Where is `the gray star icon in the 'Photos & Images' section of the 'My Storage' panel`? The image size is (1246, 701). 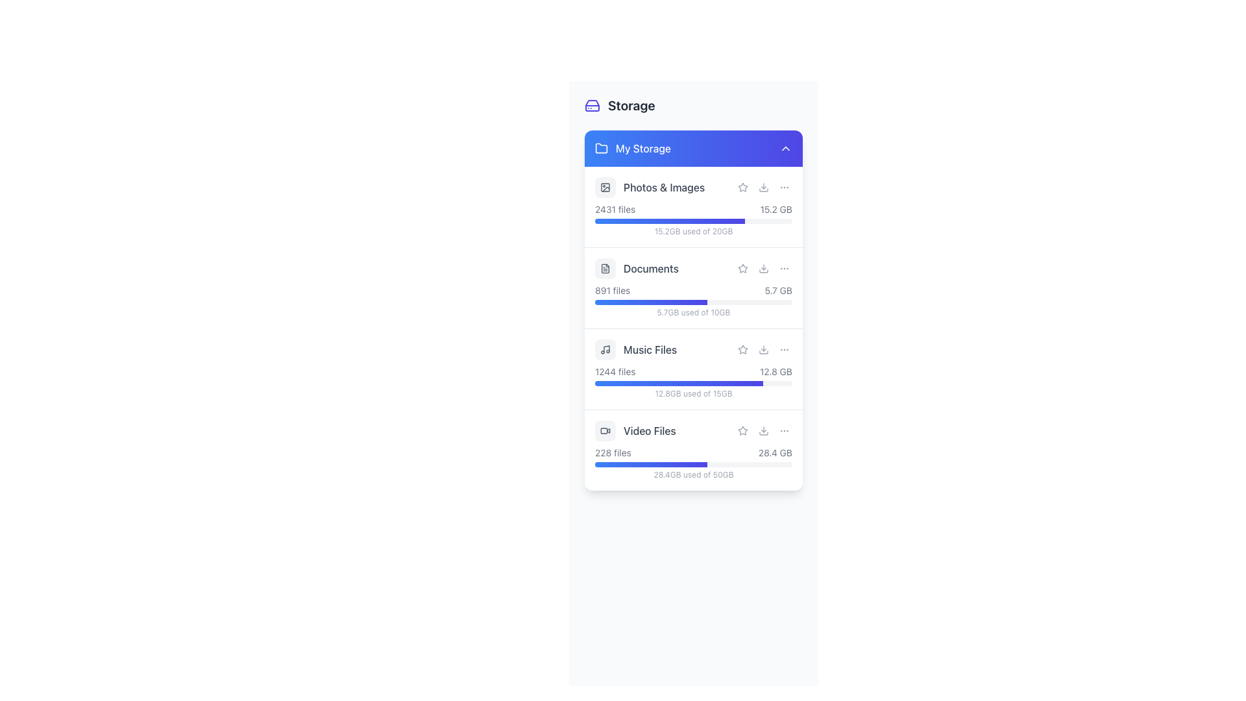
the gray star icon in the 'Photos & Images' section of the 'My Storage' panel is located at coordinates (743, 188).